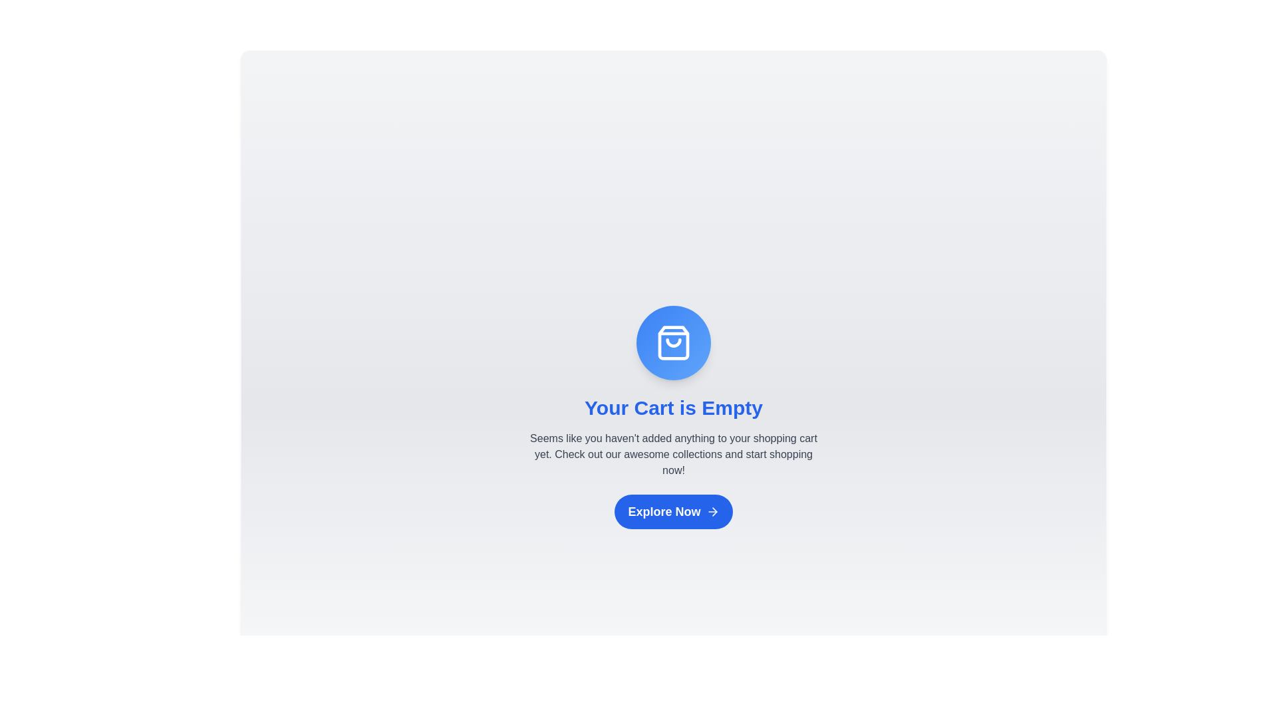 This screenshot has height=718, width=1277. Describe the element at coordinates (673, 453) in the screenshot. I see `the text block that informs users their shopping cart is empty, located between the header 'Your Cart is Empty' and the button 'Explore Now'` at that location.